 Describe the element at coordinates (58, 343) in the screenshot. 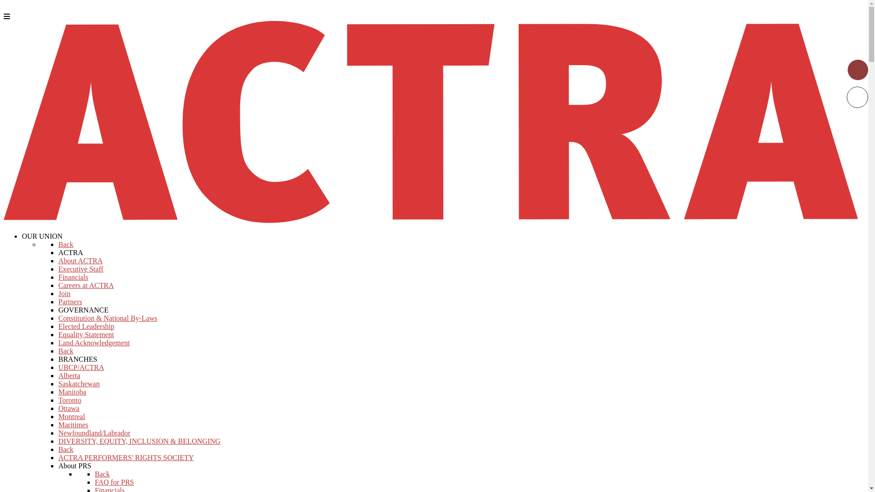

I see `'Land Acknowledgement'` at that location.